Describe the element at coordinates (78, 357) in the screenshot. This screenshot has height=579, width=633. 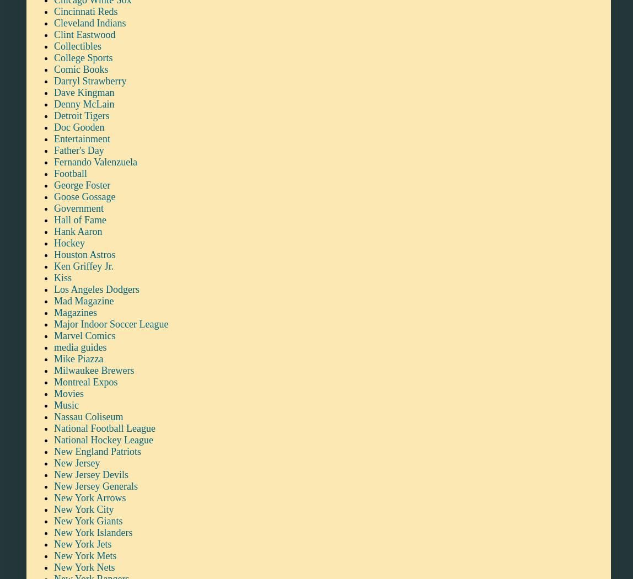
I see `'Mike Piazza'` at that location.